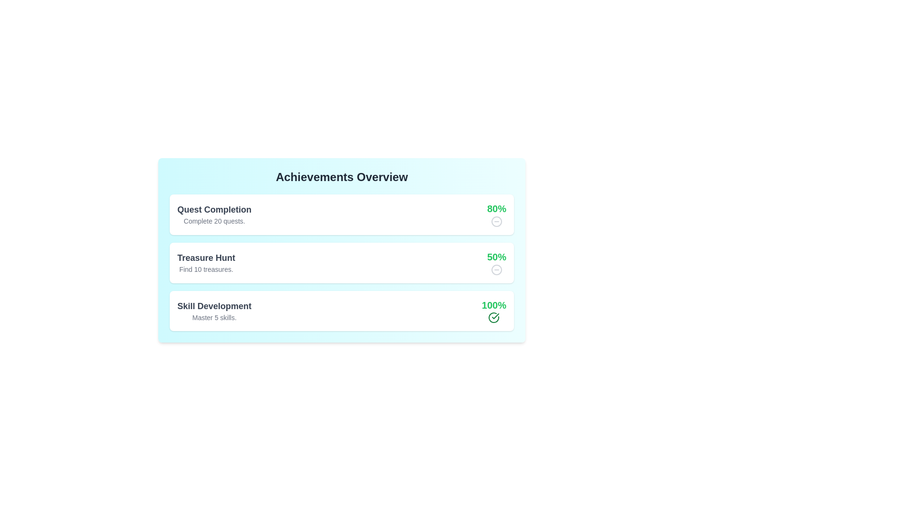  What do you see at coordinates (214, 306) in the screenshot?
I see `the 'Skill Development' heading in the third card of the 'Achievements Overview' section, which is displayed in bold dark gray text above the subtext 'Master 5 skills'` at bounding box center [214, 306].